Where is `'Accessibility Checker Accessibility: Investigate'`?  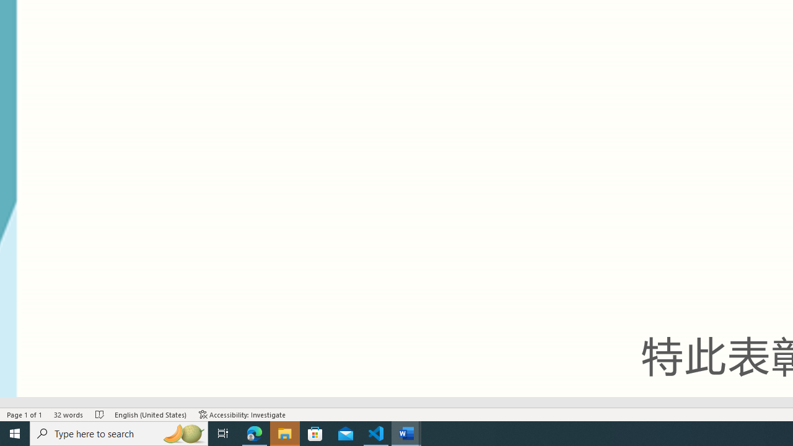
'Accessibility Checker Accessibility: Investigate' is located at coordinates (242, 414).